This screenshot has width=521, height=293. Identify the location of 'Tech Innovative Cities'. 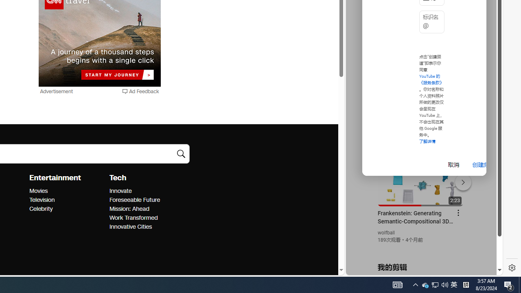
(130, 227).